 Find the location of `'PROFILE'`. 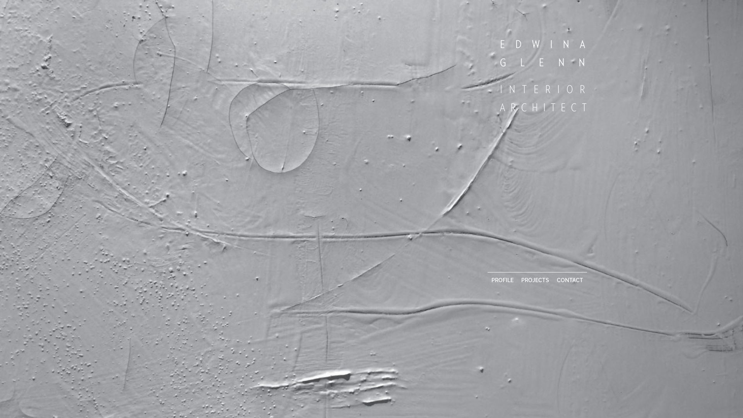

'PROFILE' is located at coordinates (487, 279).